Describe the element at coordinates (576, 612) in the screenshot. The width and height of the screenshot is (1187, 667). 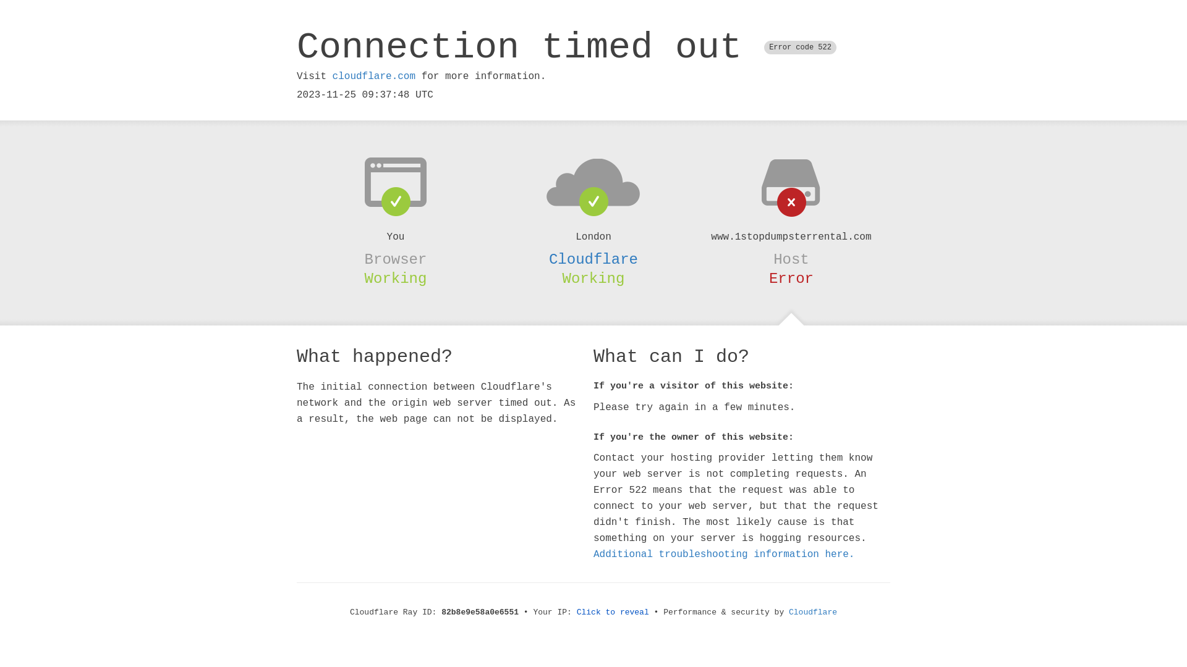
I see `'Click to reveal'` at that location.